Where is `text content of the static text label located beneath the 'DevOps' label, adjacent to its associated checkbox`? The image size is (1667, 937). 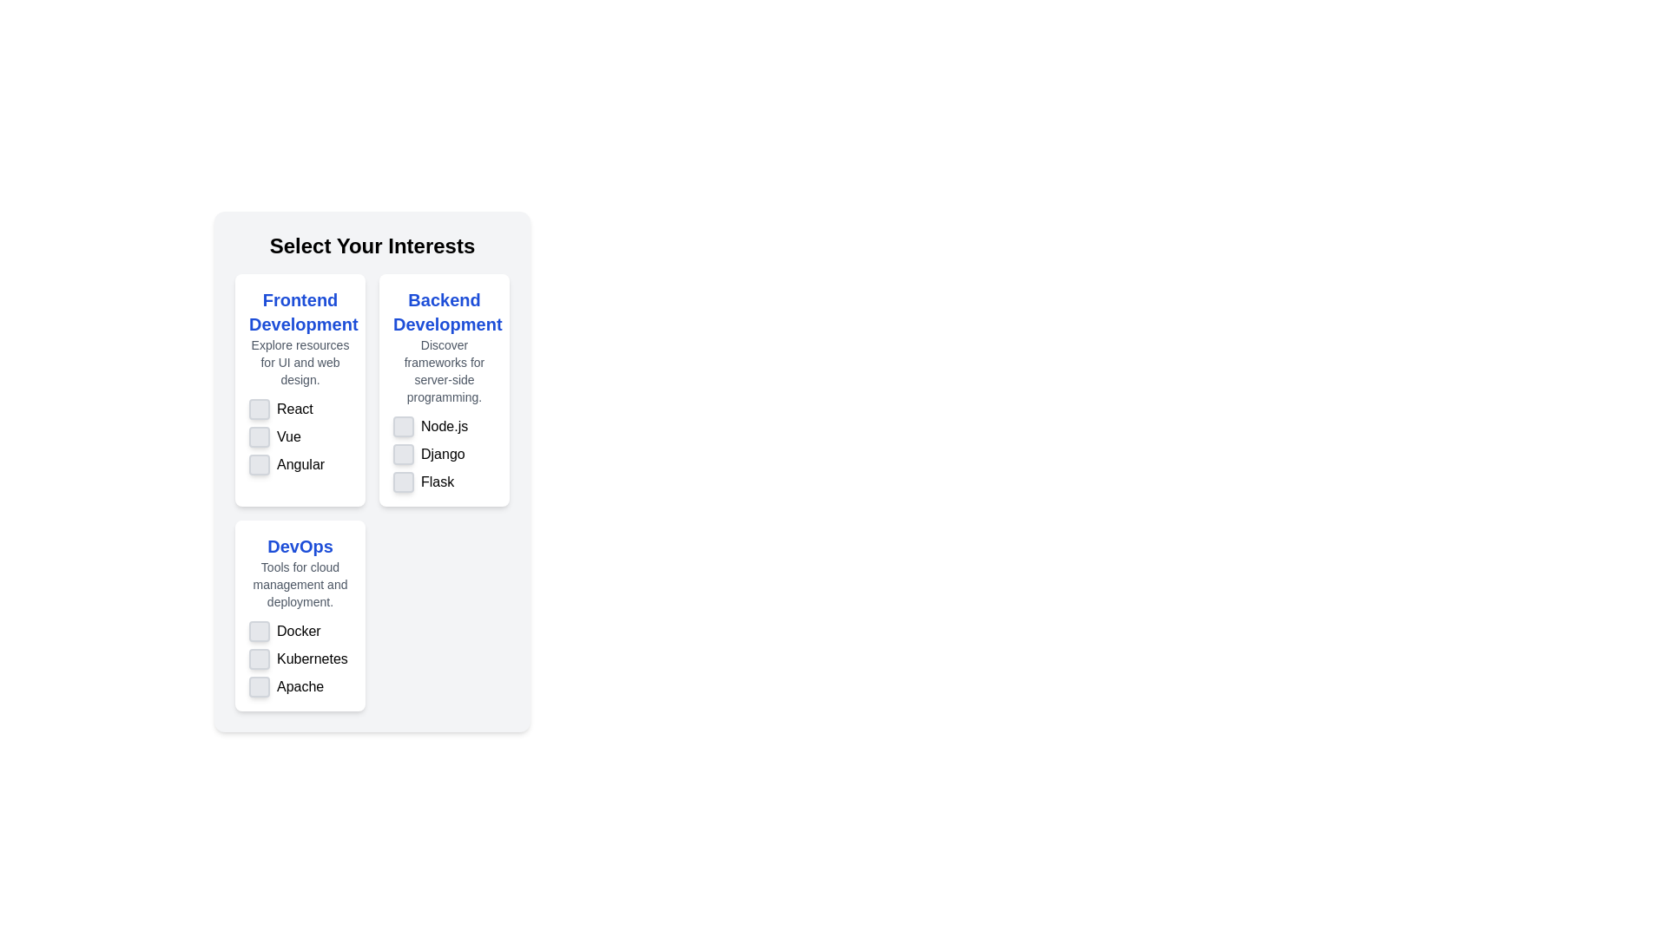 text content of the static text label located beneath the 'DevOps' label, adjacent to its associated checkbox is located at coordinates (299, 632).